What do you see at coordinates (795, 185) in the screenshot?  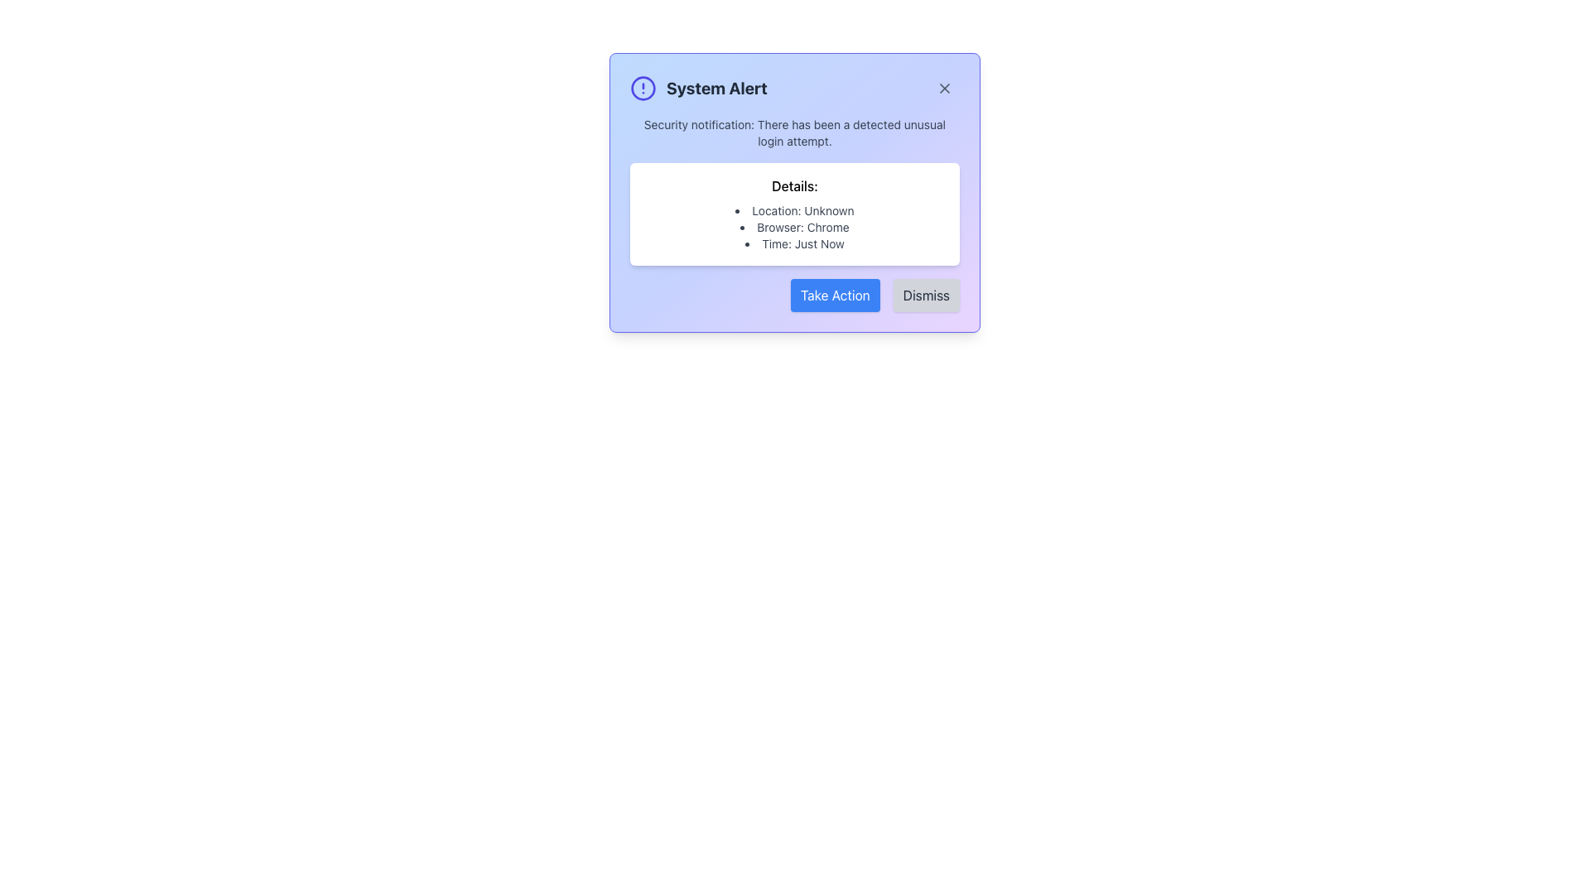 I see `the text label displaying 'Details:' which is styled in bold black font, located at the top center of the white card above a bulleted list` at bounding box center [795, 185].